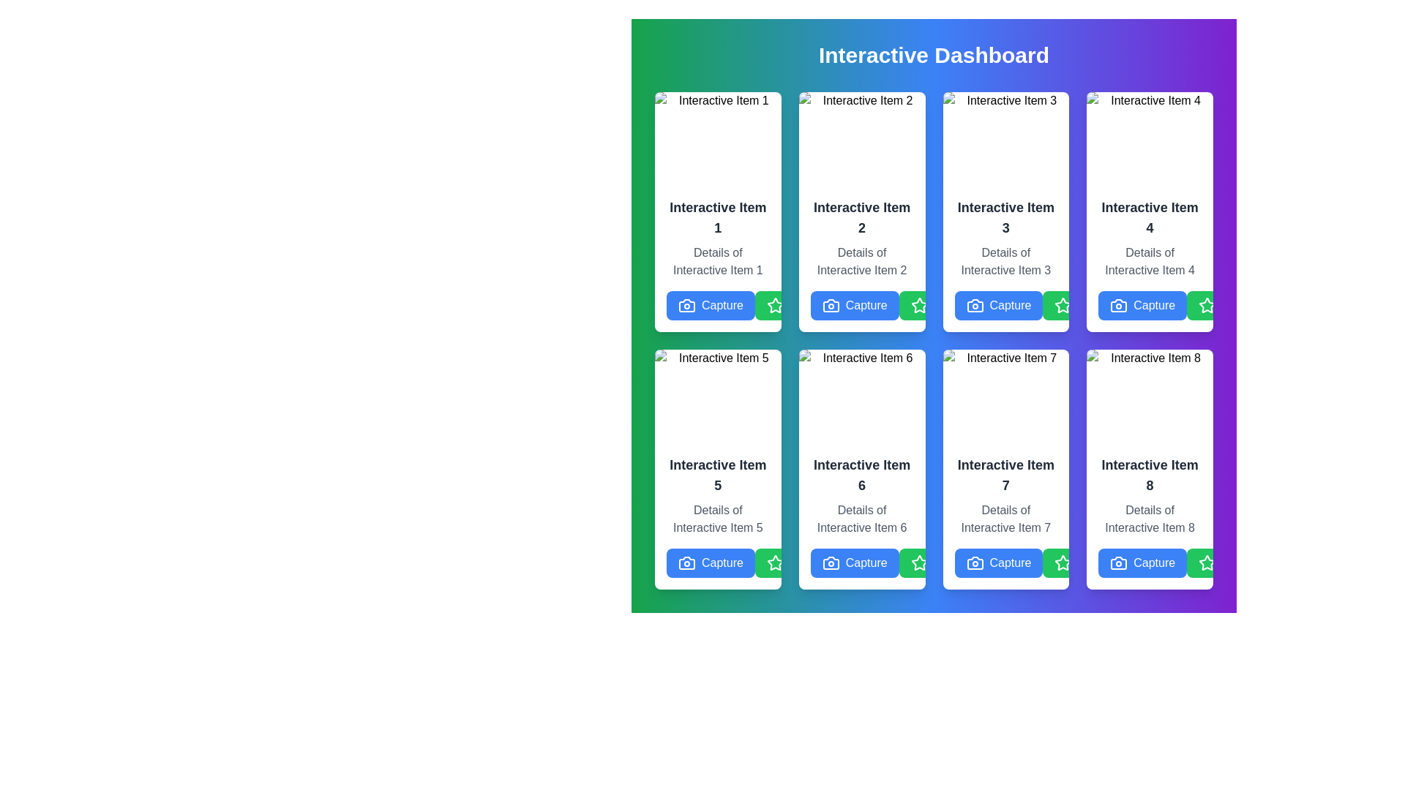 This screenshot has height=790, width=1405. What do you see at coordinates (686, 563) in the screenshot?
I see `the 'Capture' button by clicking on the camera icon located at the bottom-left corner of the 'Interactive Item 5' card` at bounding box center [686, 563].